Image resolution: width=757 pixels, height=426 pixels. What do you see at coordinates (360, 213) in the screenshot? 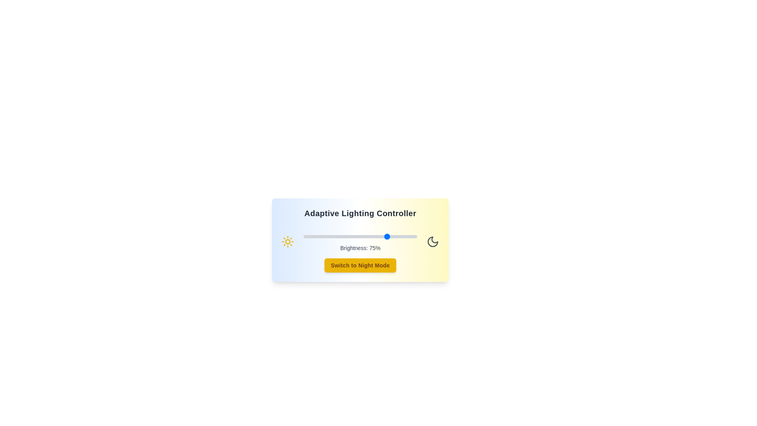
I see `the title Label at the top center of the adaptive lighting interface, which is located above the brightness controls and the 'Switch to Night Mode' button` at bounding box center [360, 213].